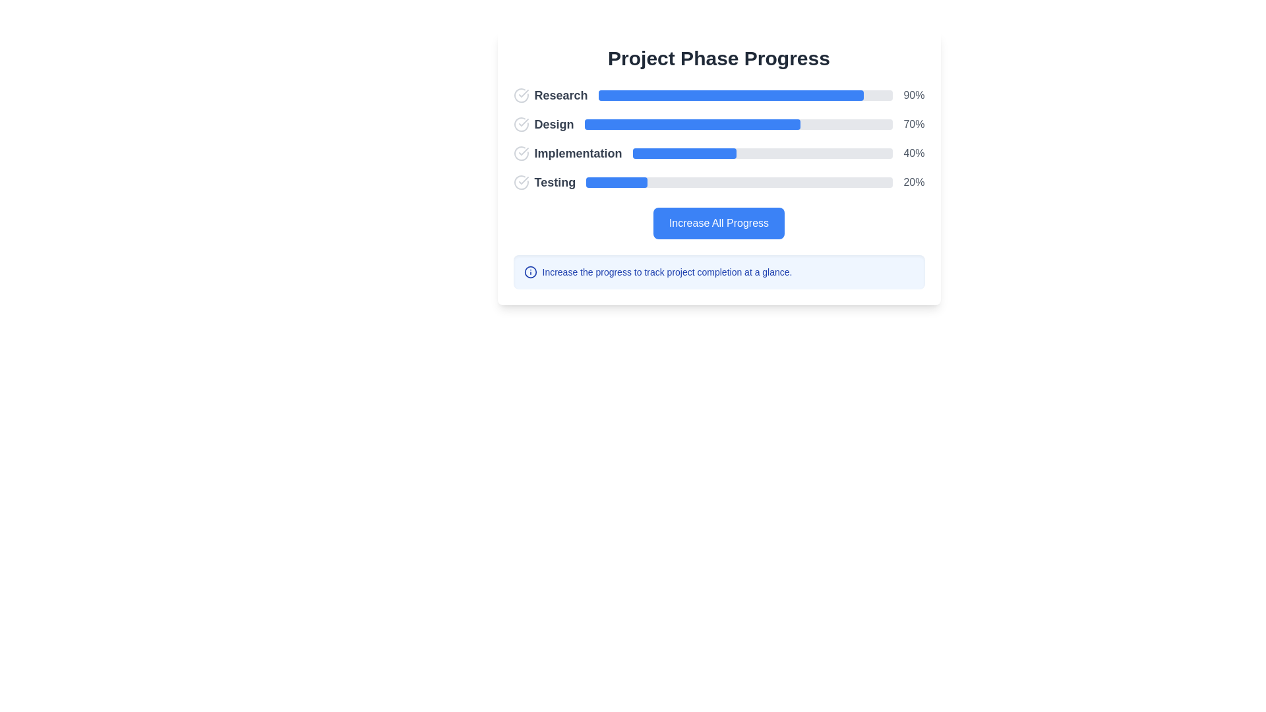 This screenshot has height=712, width=1266. I want to click on the percentage display of the 'Design' phase progress bar located under the 'Project Phase Progress' section for further details, so click(718, 125).